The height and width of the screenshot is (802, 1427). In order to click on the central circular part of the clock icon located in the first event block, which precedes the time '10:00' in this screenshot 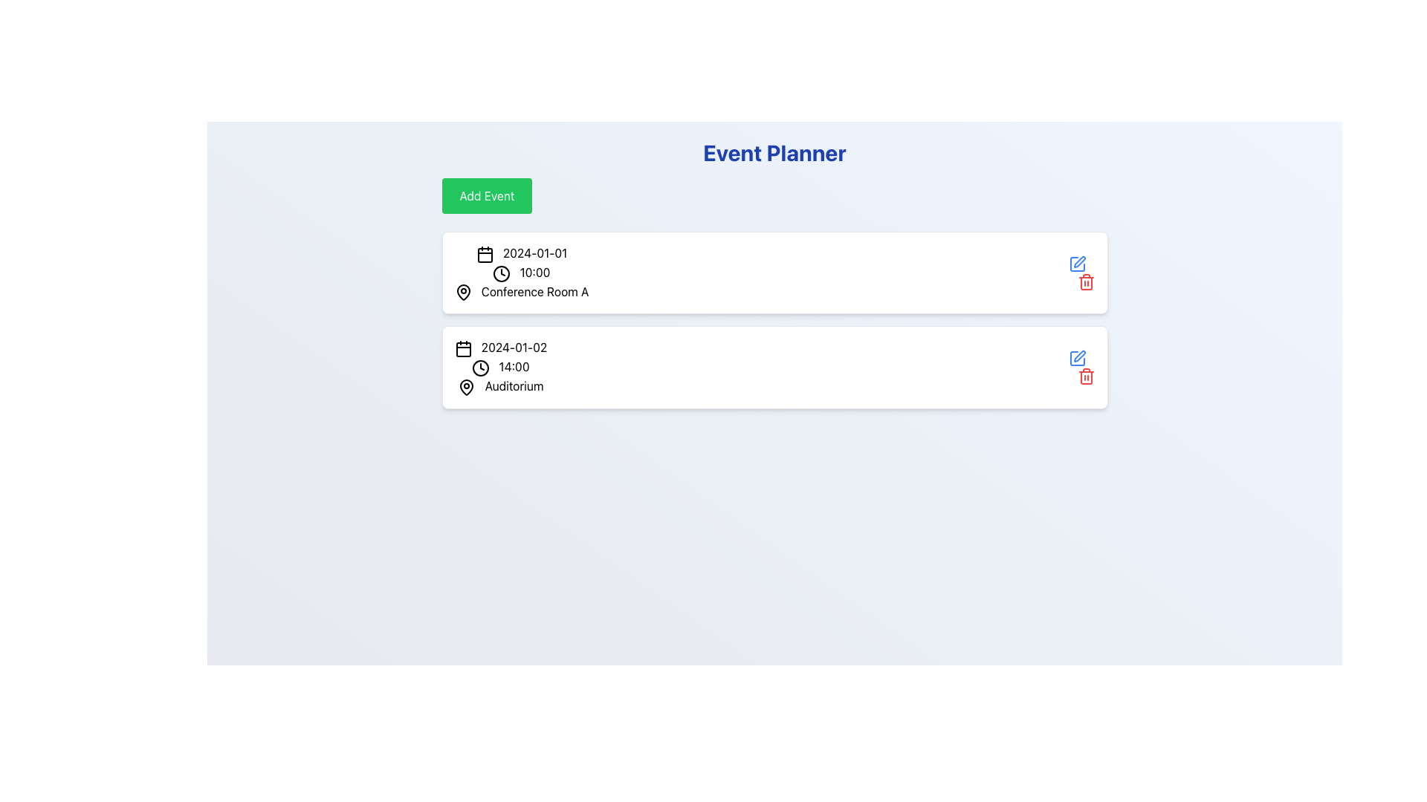, I will do `click(502, 273)`.